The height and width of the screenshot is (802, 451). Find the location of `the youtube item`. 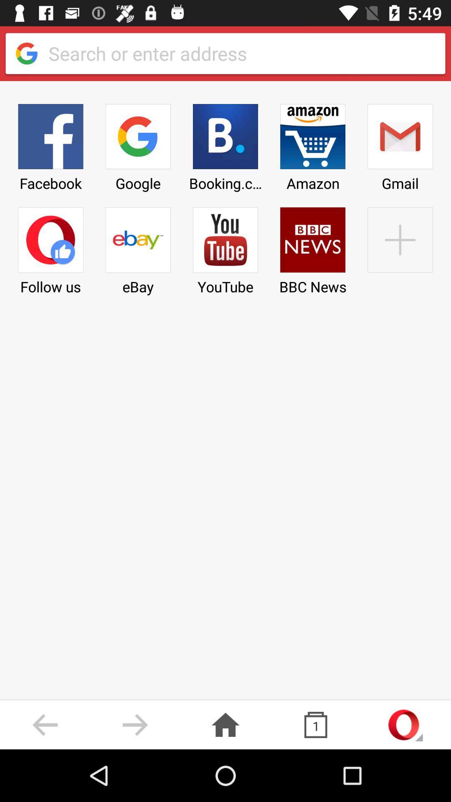

the youtube item is located at coordinates (225, 248).